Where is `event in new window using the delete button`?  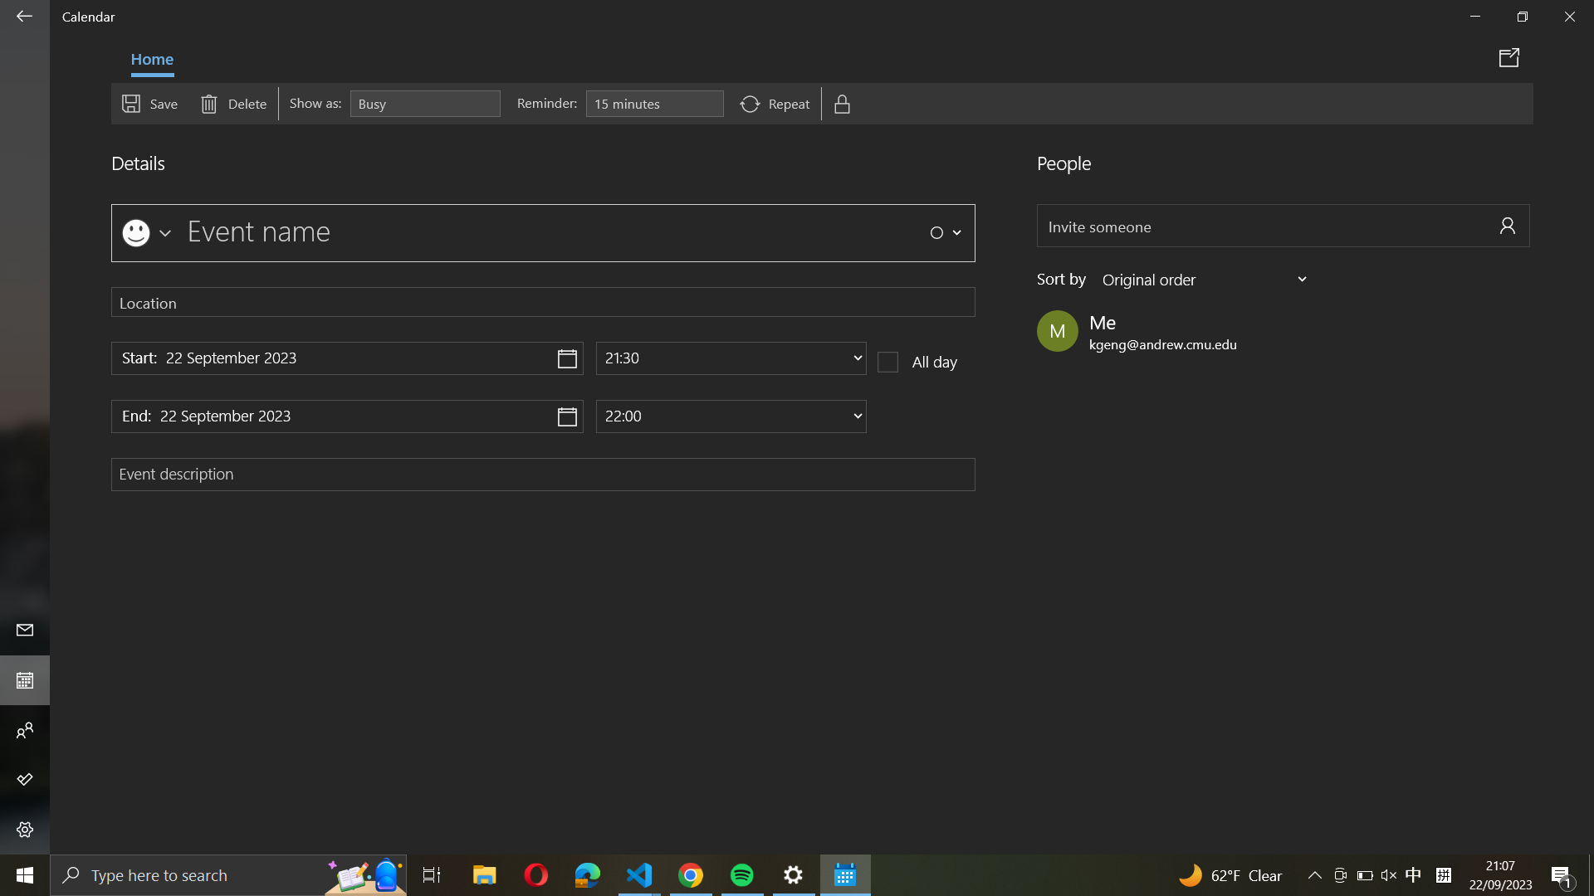 event in new window using the delete button is located at coordinates (1512, 56).